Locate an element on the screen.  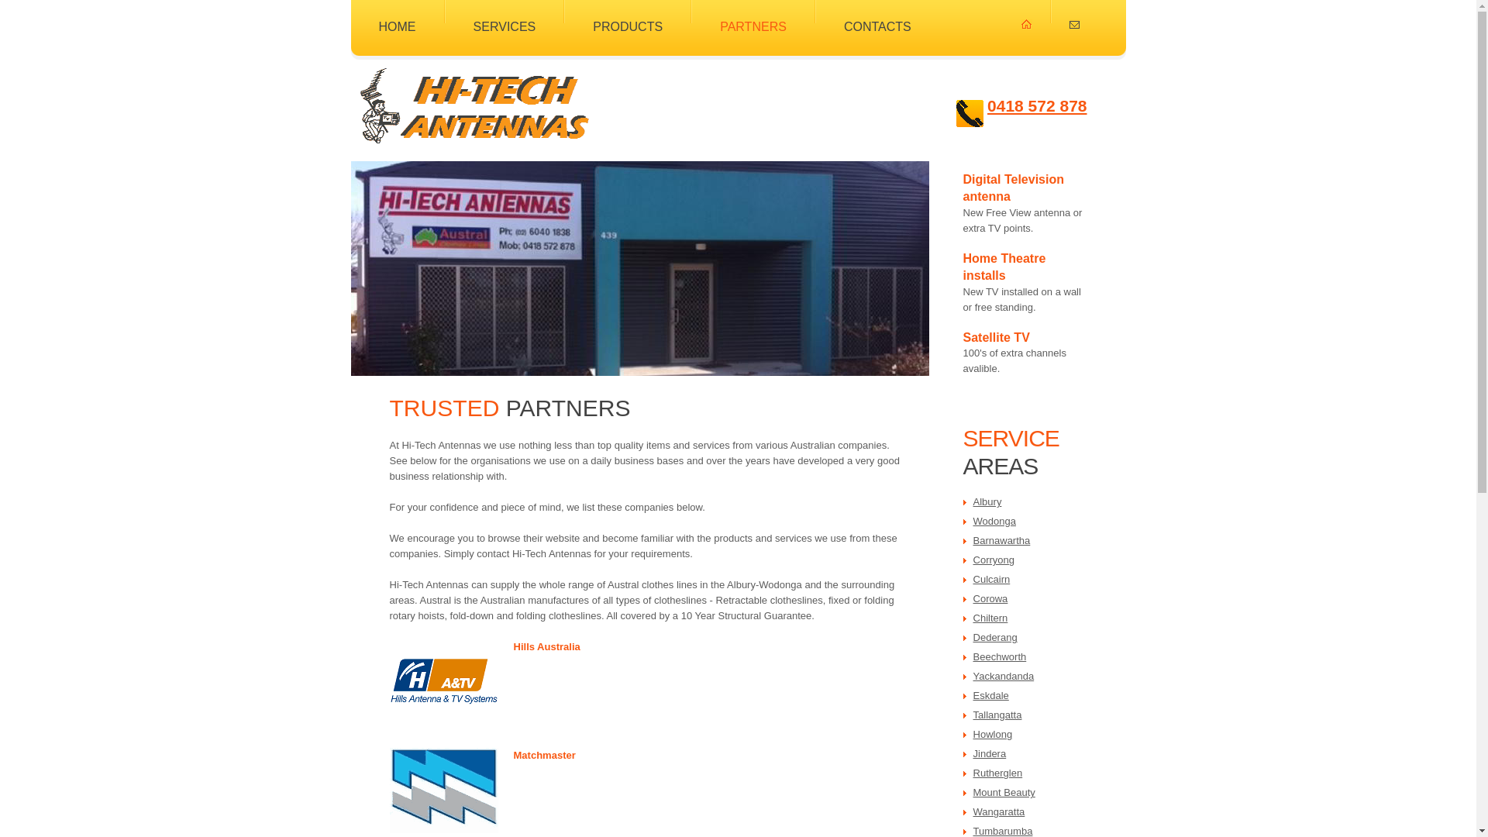
'Rutherglen' is located at coordinates (997, 773).